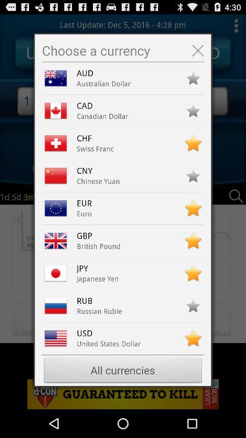  What do you see at coordinates (95, 149) in the screenshot?
I see `the swiss franc app` at bounding box center [95, 149].